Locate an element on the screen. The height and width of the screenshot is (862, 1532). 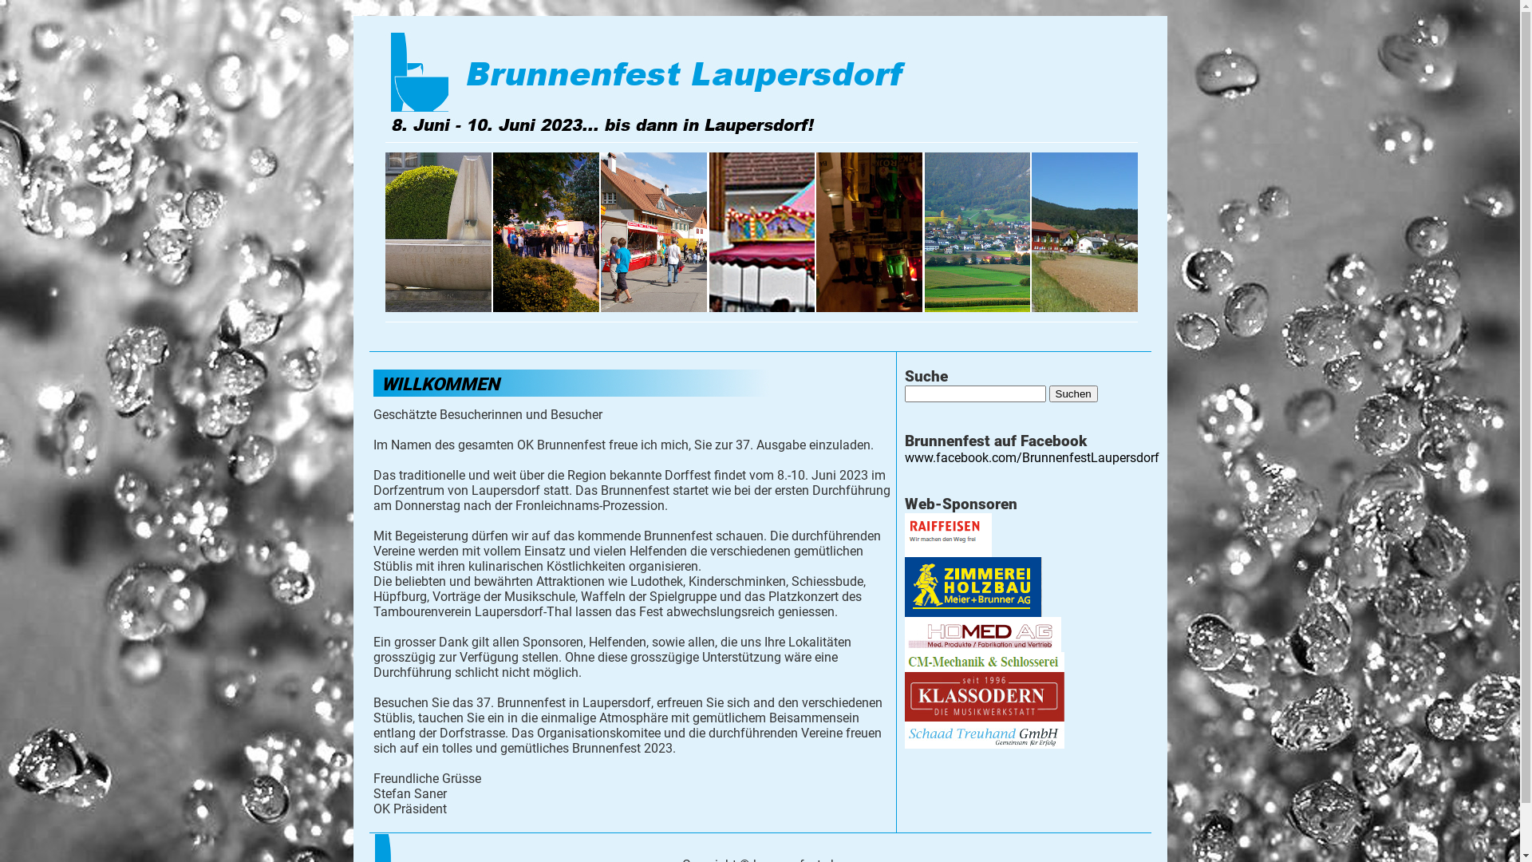
'www.facebook.com/BrunnenfestLaupersdorf' is located at coordinates (1032, 457).